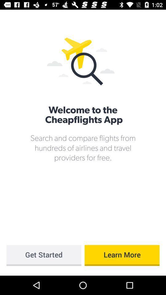  What do you see at coordinates (43, 255) in the screenshot?
I see `icon below search and compare item` at bounding box center [43, 255].